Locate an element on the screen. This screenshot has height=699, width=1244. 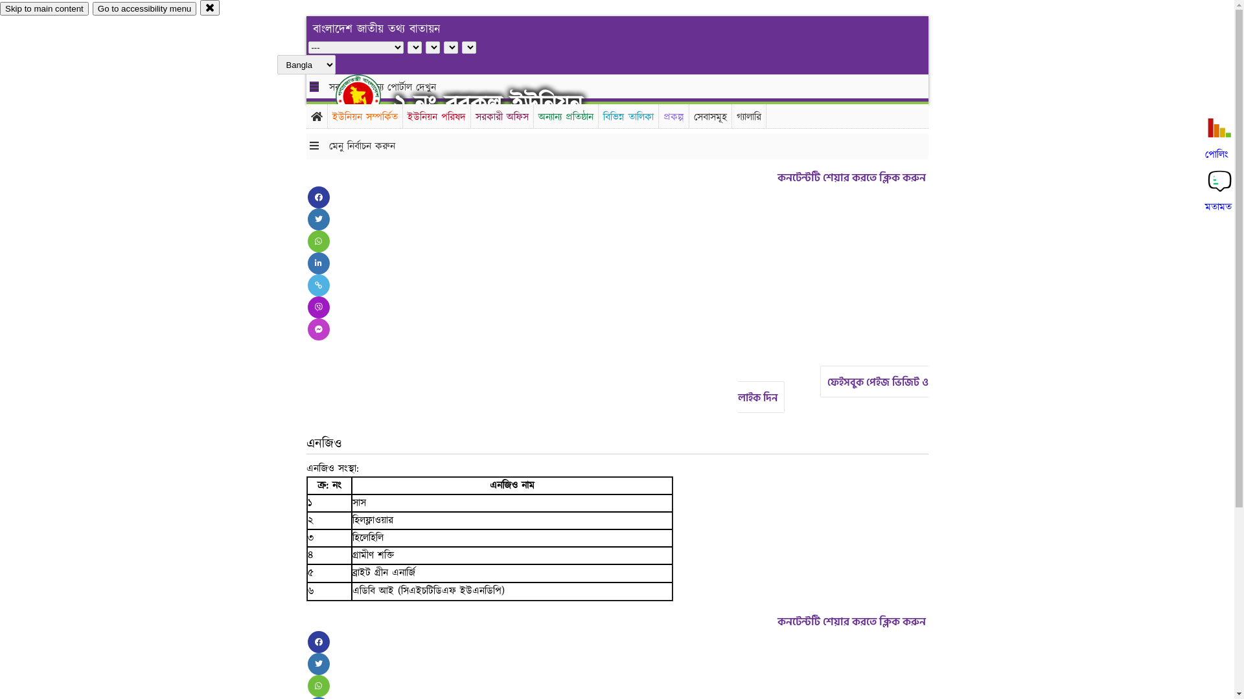
'close' is located at coordinates (210, 7).